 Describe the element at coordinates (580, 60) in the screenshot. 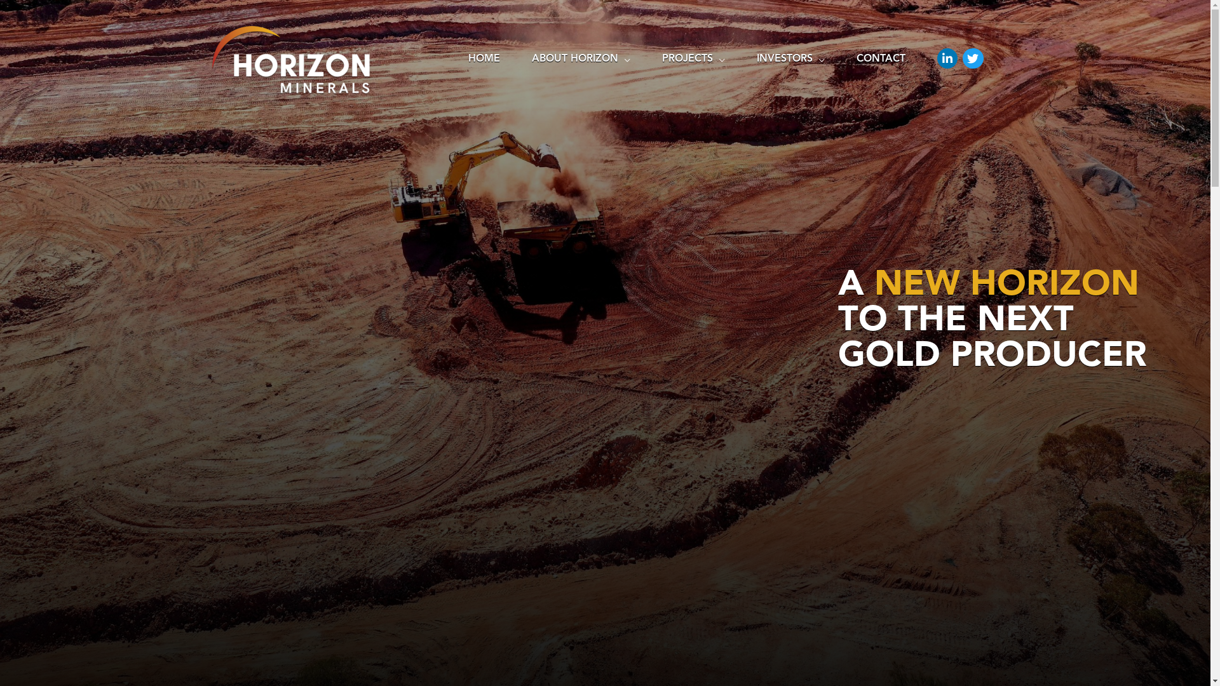

I see `'ABOUT HORIZON'` at that location.